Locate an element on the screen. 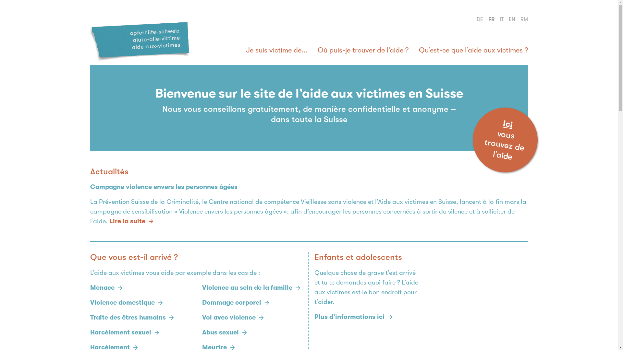  'Violence domestique' is located at coordinates (122, 302).